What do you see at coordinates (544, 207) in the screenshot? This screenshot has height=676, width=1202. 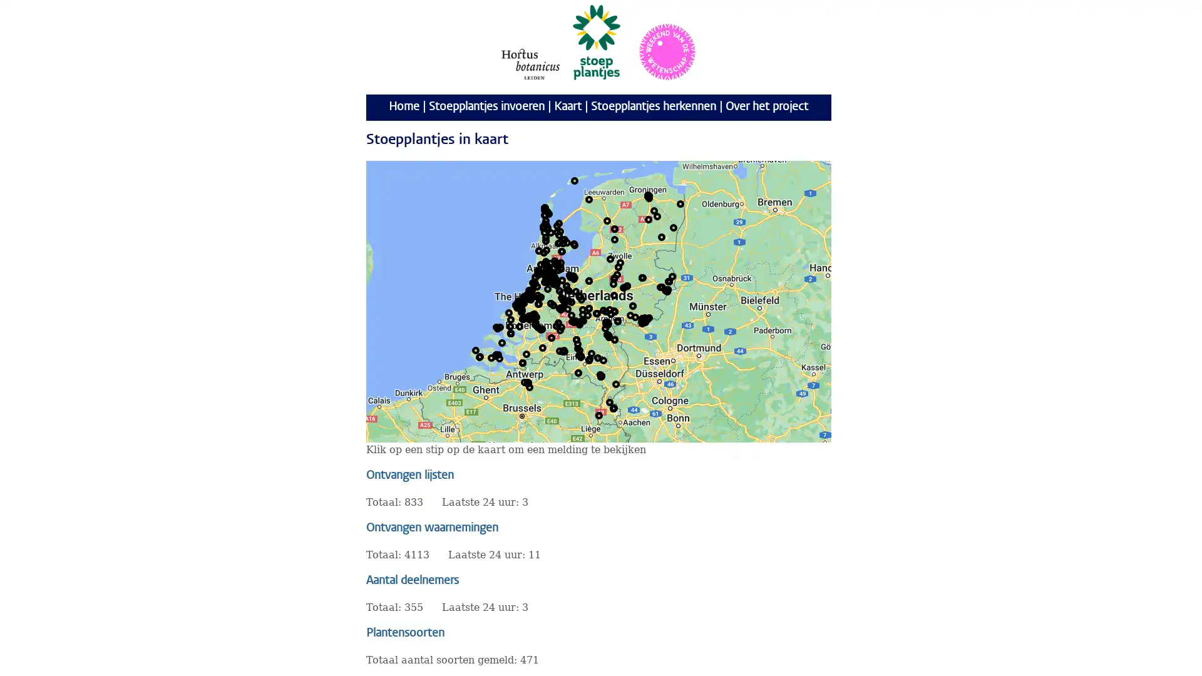 I see `Telling van U op 12 november 2021` at bounding box center [544, 207].